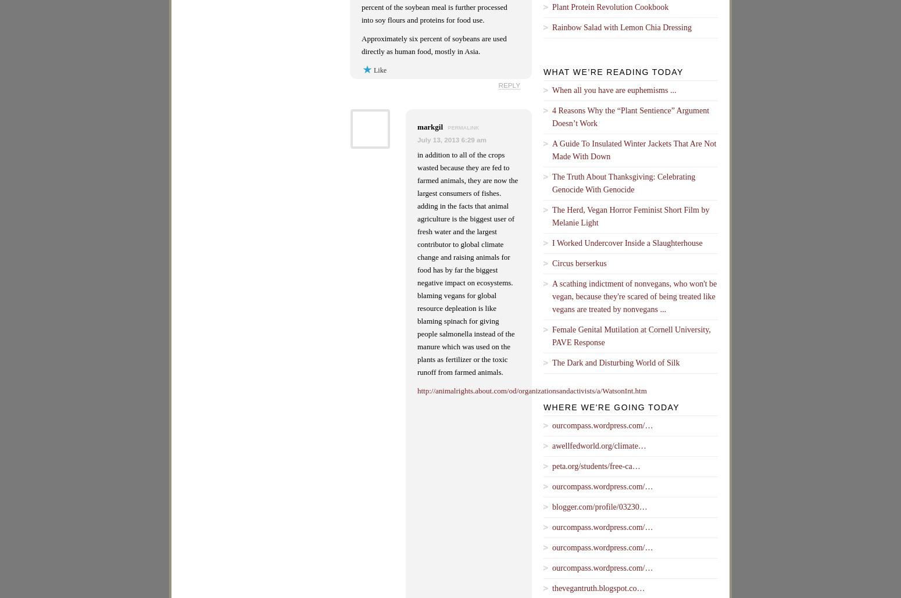  Describe the element at coordinates (434, 44) in the screenshot. I see `'Approximately six percent of soybeans are used directly as human food, mostly in Asia.'` at that location.